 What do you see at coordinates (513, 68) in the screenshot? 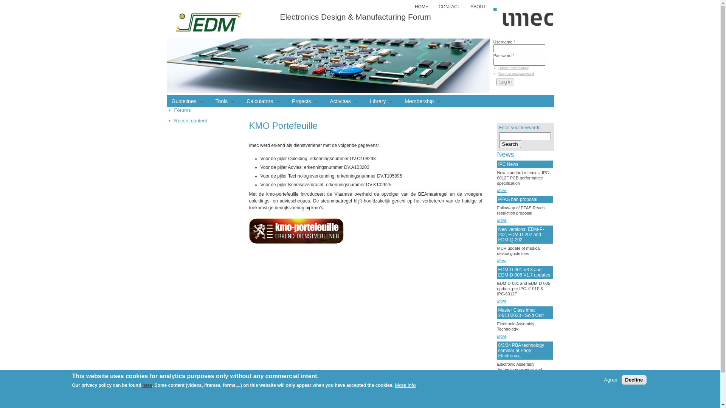
I see `'Create new account'` at bounding box center [513, 68].